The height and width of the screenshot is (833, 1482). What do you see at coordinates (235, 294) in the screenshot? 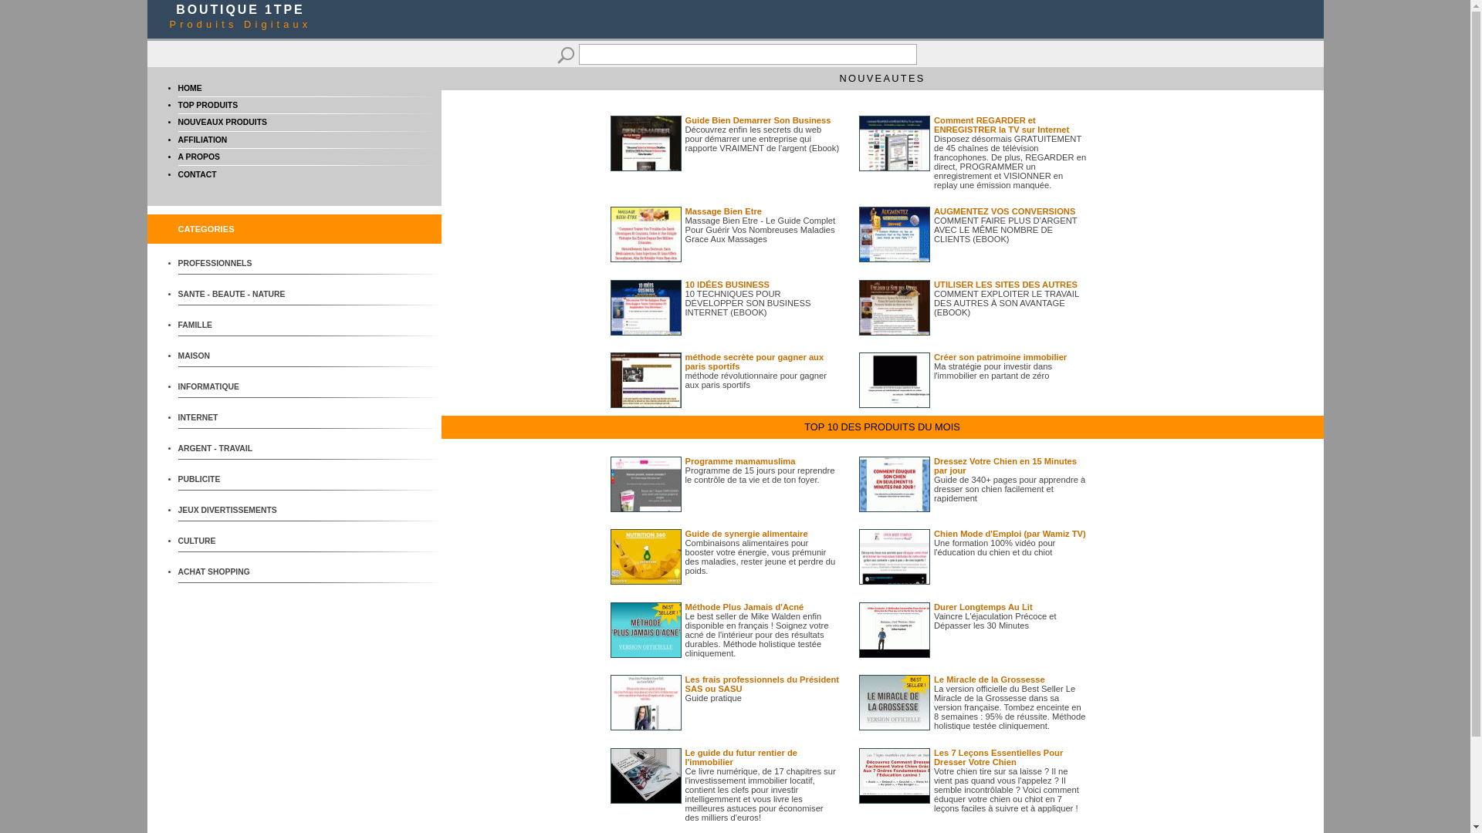
I see `'SANTE - BEAUTE - NATURE'` at bounding box center [235, 294].